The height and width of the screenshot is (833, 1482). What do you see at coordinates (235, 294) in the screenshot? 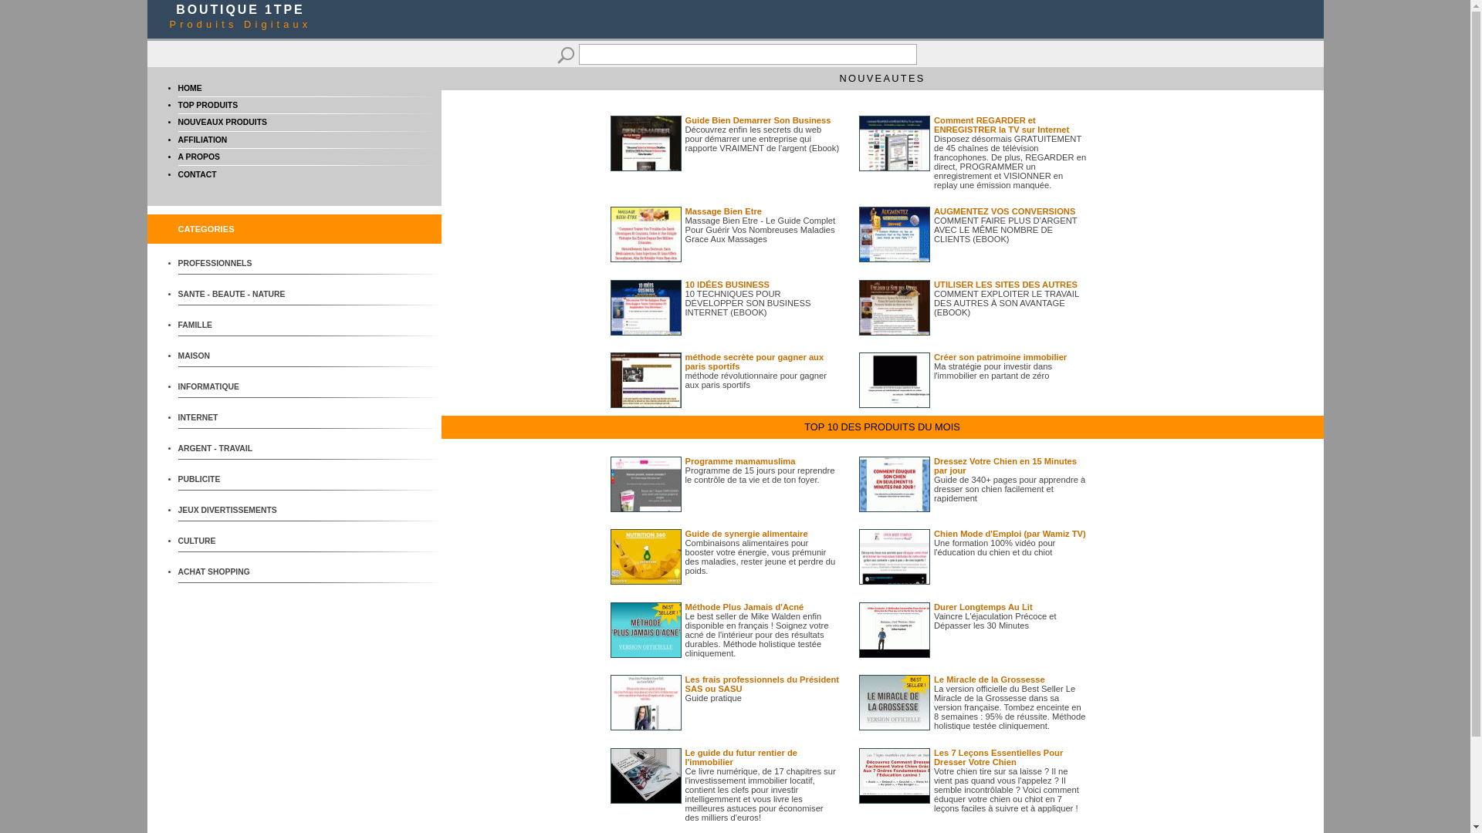
I see `'SANTE - BEAUTE - NATURE'` at bounding box center [235, 294].